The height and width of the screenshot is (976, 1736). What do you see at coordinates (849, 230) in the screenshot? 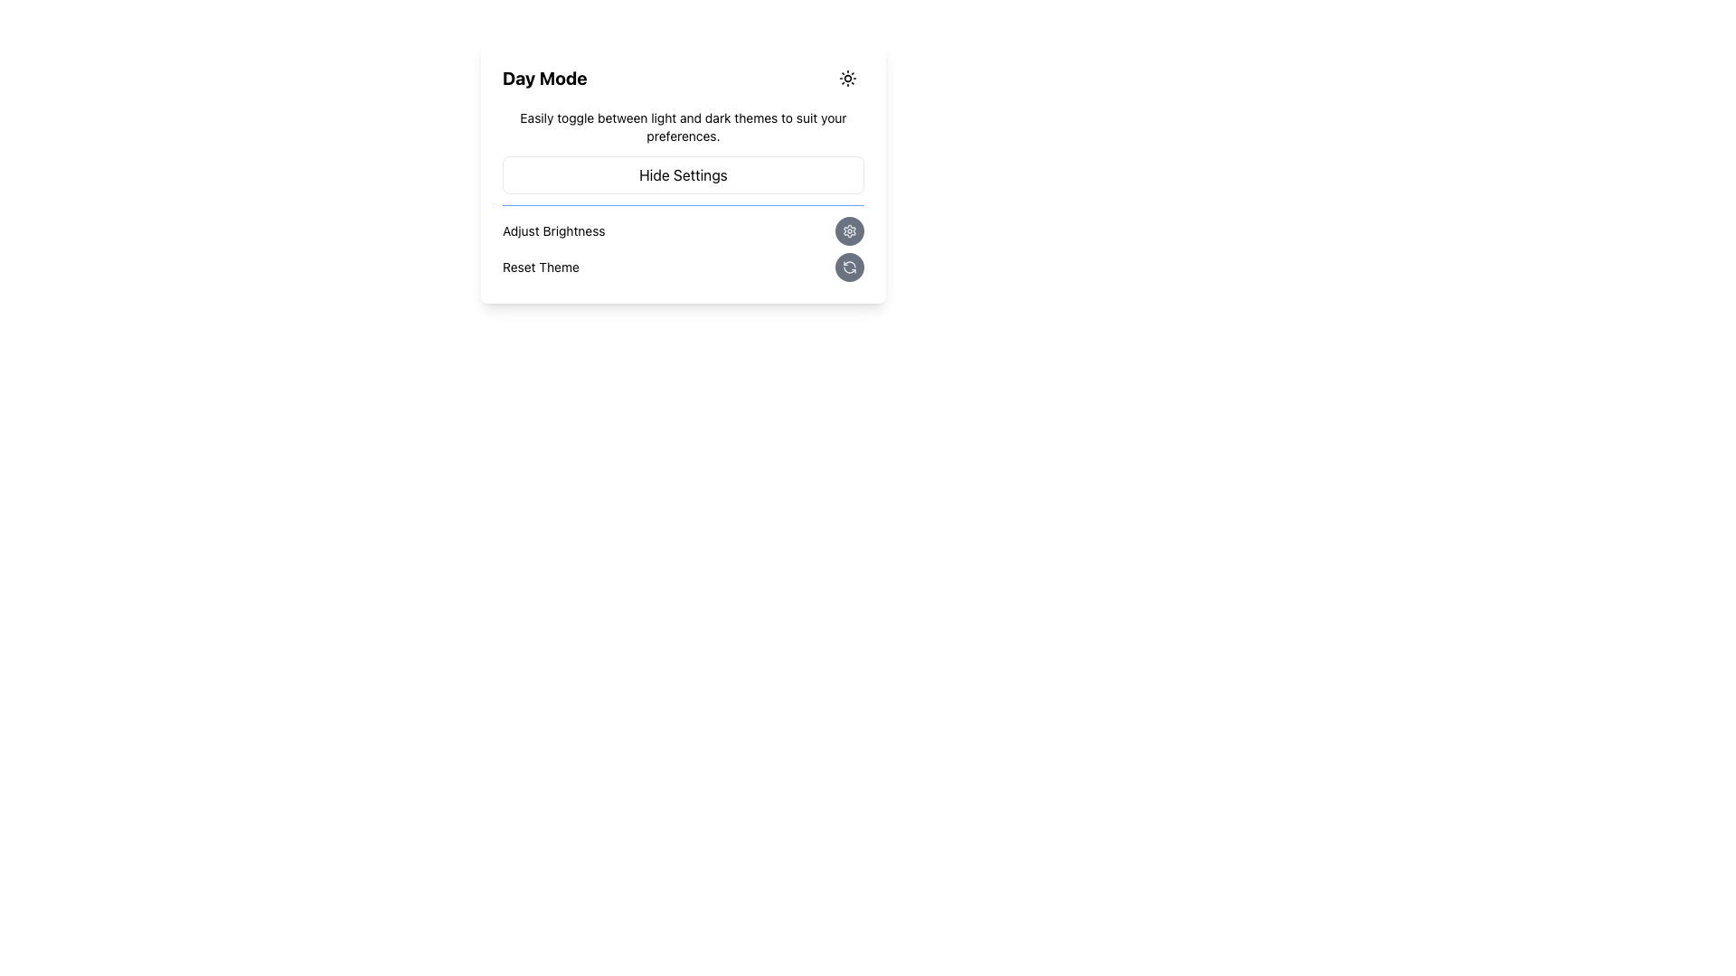
I see `the settings icon located within a rounded button at the bottom right corner of the settings panel` at bounding box center [849, 230].